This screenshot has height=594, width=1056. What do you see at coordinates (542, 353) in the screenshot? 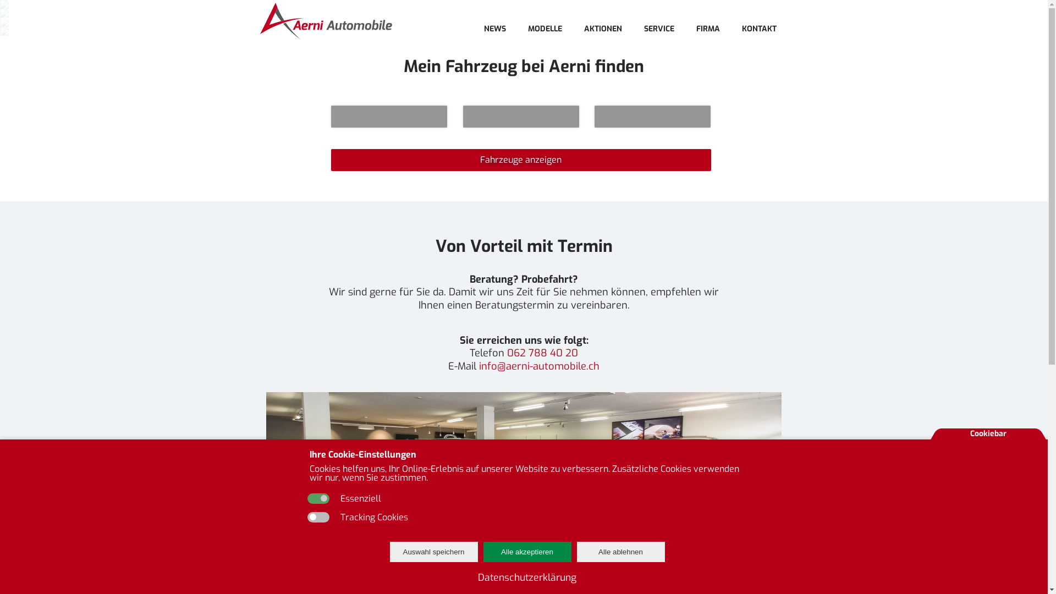
I see `'062 788 40 20'` at bounding box center [542, 353].